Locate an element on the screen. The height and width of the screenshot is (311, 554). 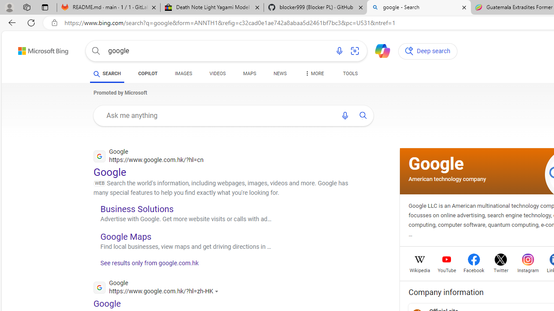
'COPILOT' is located at coordinates (148, 74).